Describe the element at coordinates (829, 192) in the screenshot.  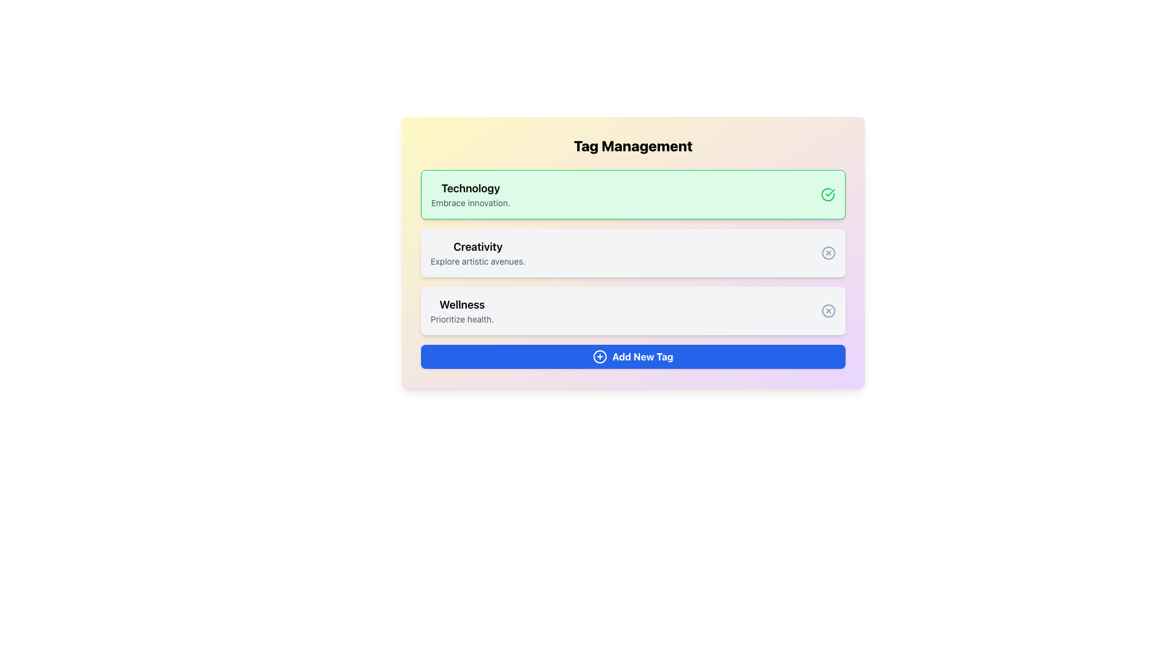
I see `the green checkmark icon indicating the active 'Technology' menu entry in the top-right corner of the menu` at that location.